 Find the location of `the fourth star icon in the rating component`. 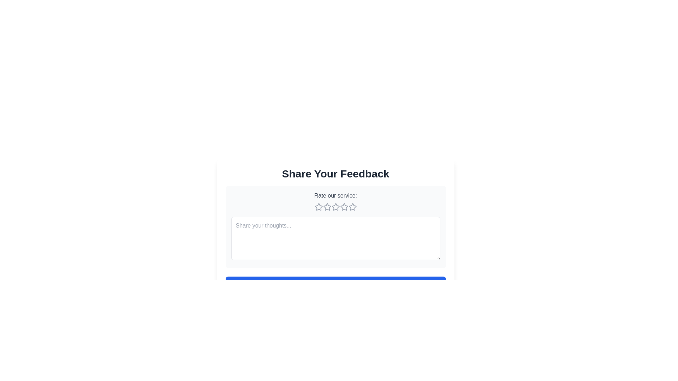

the fourth star icon in the rating component is located at coordinates (352, 206).